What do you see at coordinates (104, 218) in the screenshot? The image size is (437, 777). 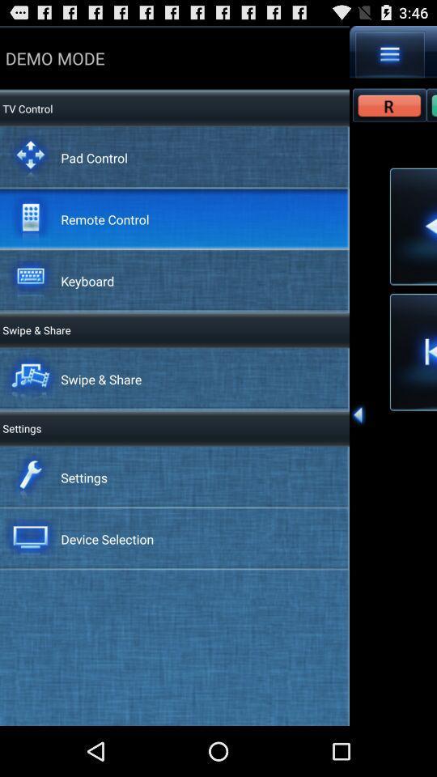 I see `the remote control app` at bounding box center [104, 218].